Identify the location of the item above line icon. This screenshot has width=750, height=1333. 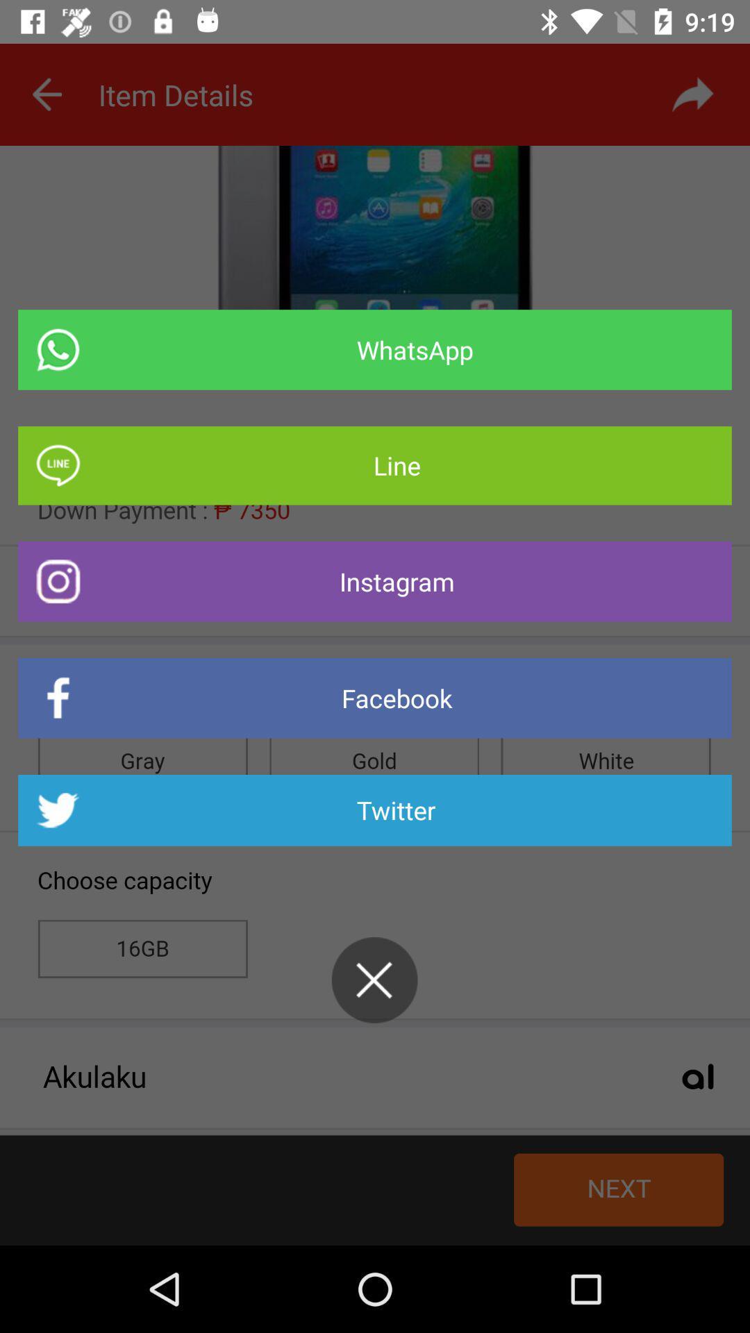
(375, 350).